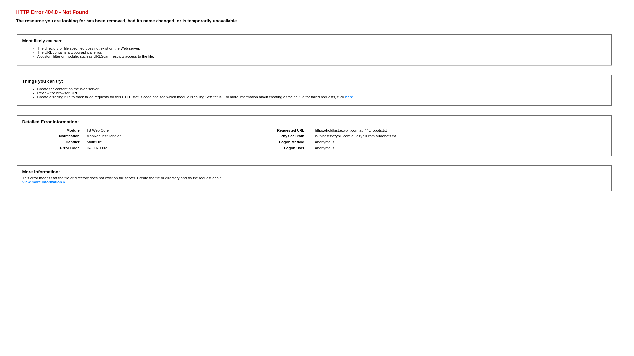 Image resolution: width=634 pixels, height=356 pixels. I want to click on 'here', so click(349, 97).